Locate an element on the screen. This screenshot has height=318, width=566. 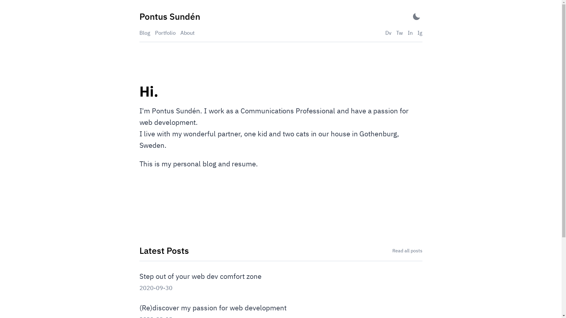
'(Re)discover my passion for web development' is located at coordinates (139, 307).